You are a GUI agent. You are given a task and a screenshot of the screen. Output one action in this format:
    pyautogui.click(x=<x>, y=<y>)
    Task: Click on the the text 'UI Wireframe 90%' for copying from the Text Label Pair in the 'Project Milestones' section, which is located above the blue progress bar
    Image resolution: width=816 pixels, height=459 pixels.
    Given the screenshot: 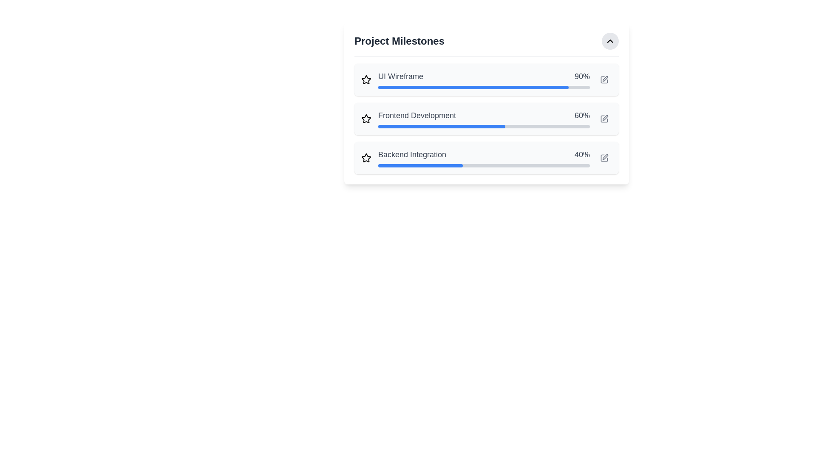 What is the action you would take?
    pyautogui.click(x=484, y=76)
    